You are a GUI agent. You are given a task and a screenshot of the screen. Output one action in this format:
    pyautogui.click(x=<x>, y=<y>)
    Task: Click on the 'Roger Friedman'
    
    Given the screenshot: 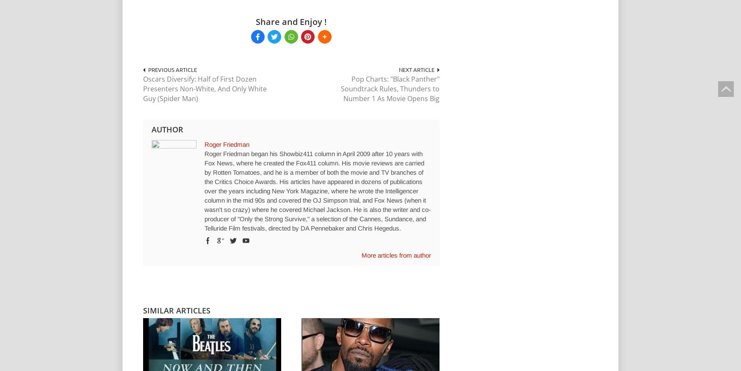 What is the action you would take?
    pyautogui.click(x=205, y=143)
    